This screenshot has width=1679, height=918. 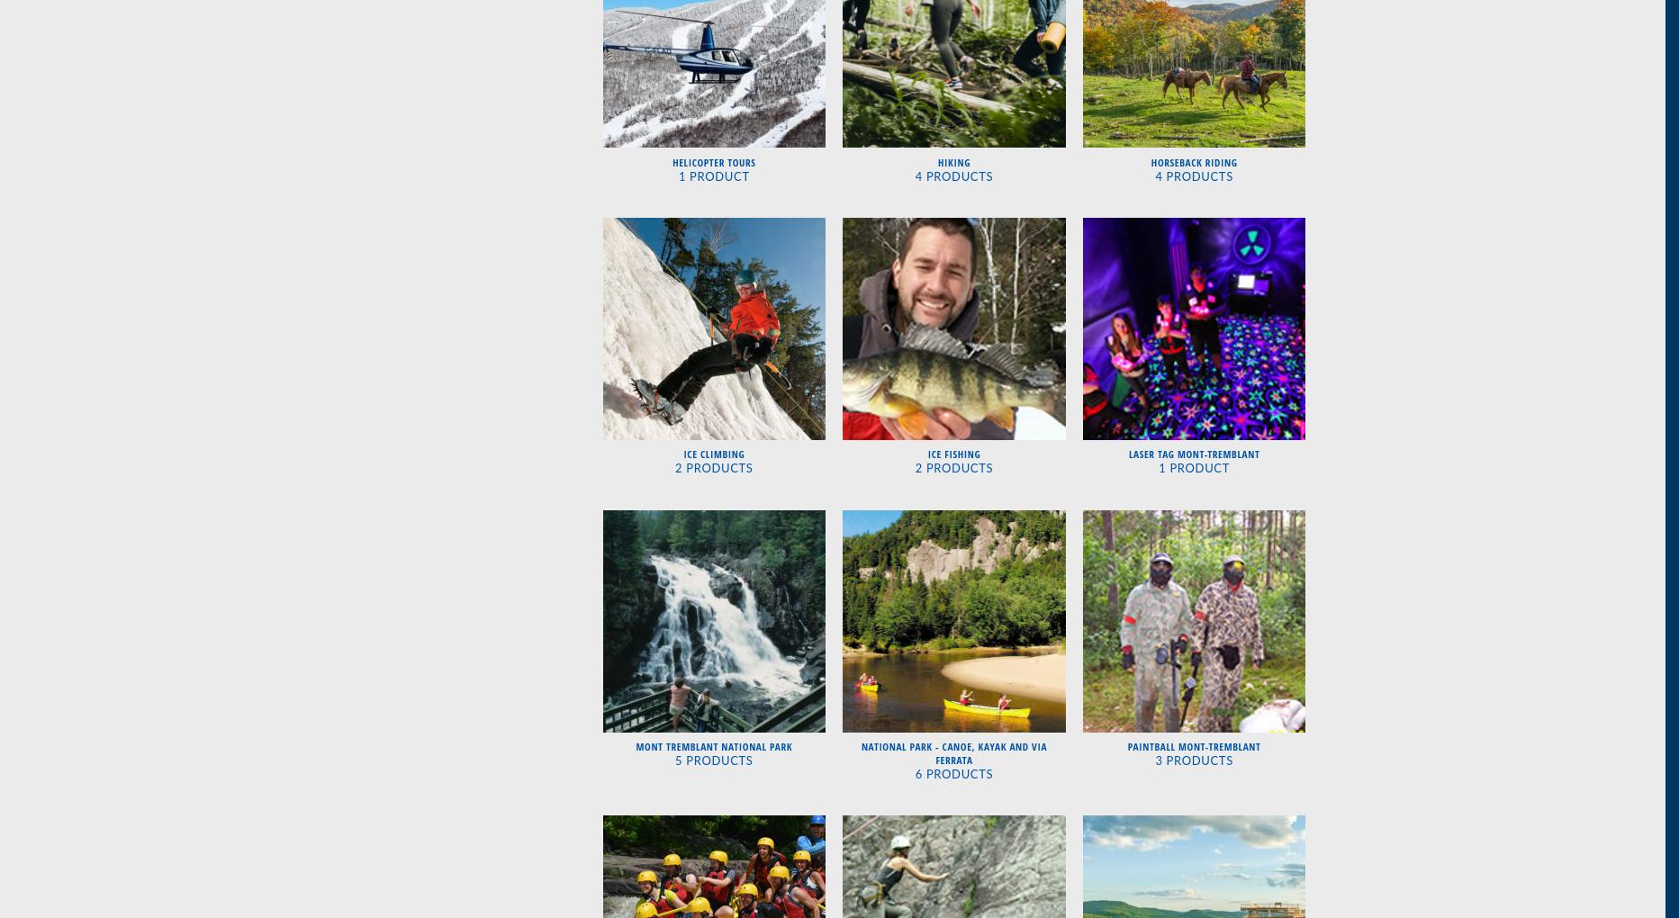 I want to click on '3 Products', so click(x=1193, y=761).